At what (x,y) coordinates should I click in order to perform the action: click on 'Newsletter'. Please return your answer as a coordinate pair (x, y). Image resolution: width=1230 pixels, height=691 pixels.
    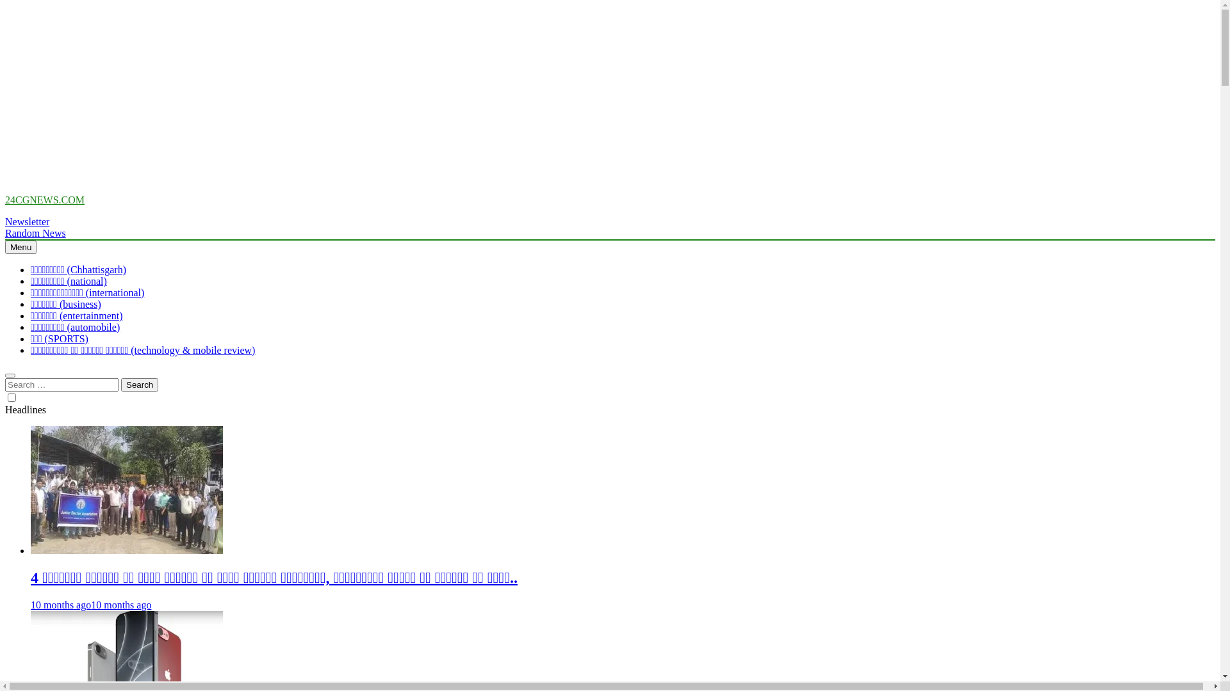
    Looking at the image, I should click on (27, 221).